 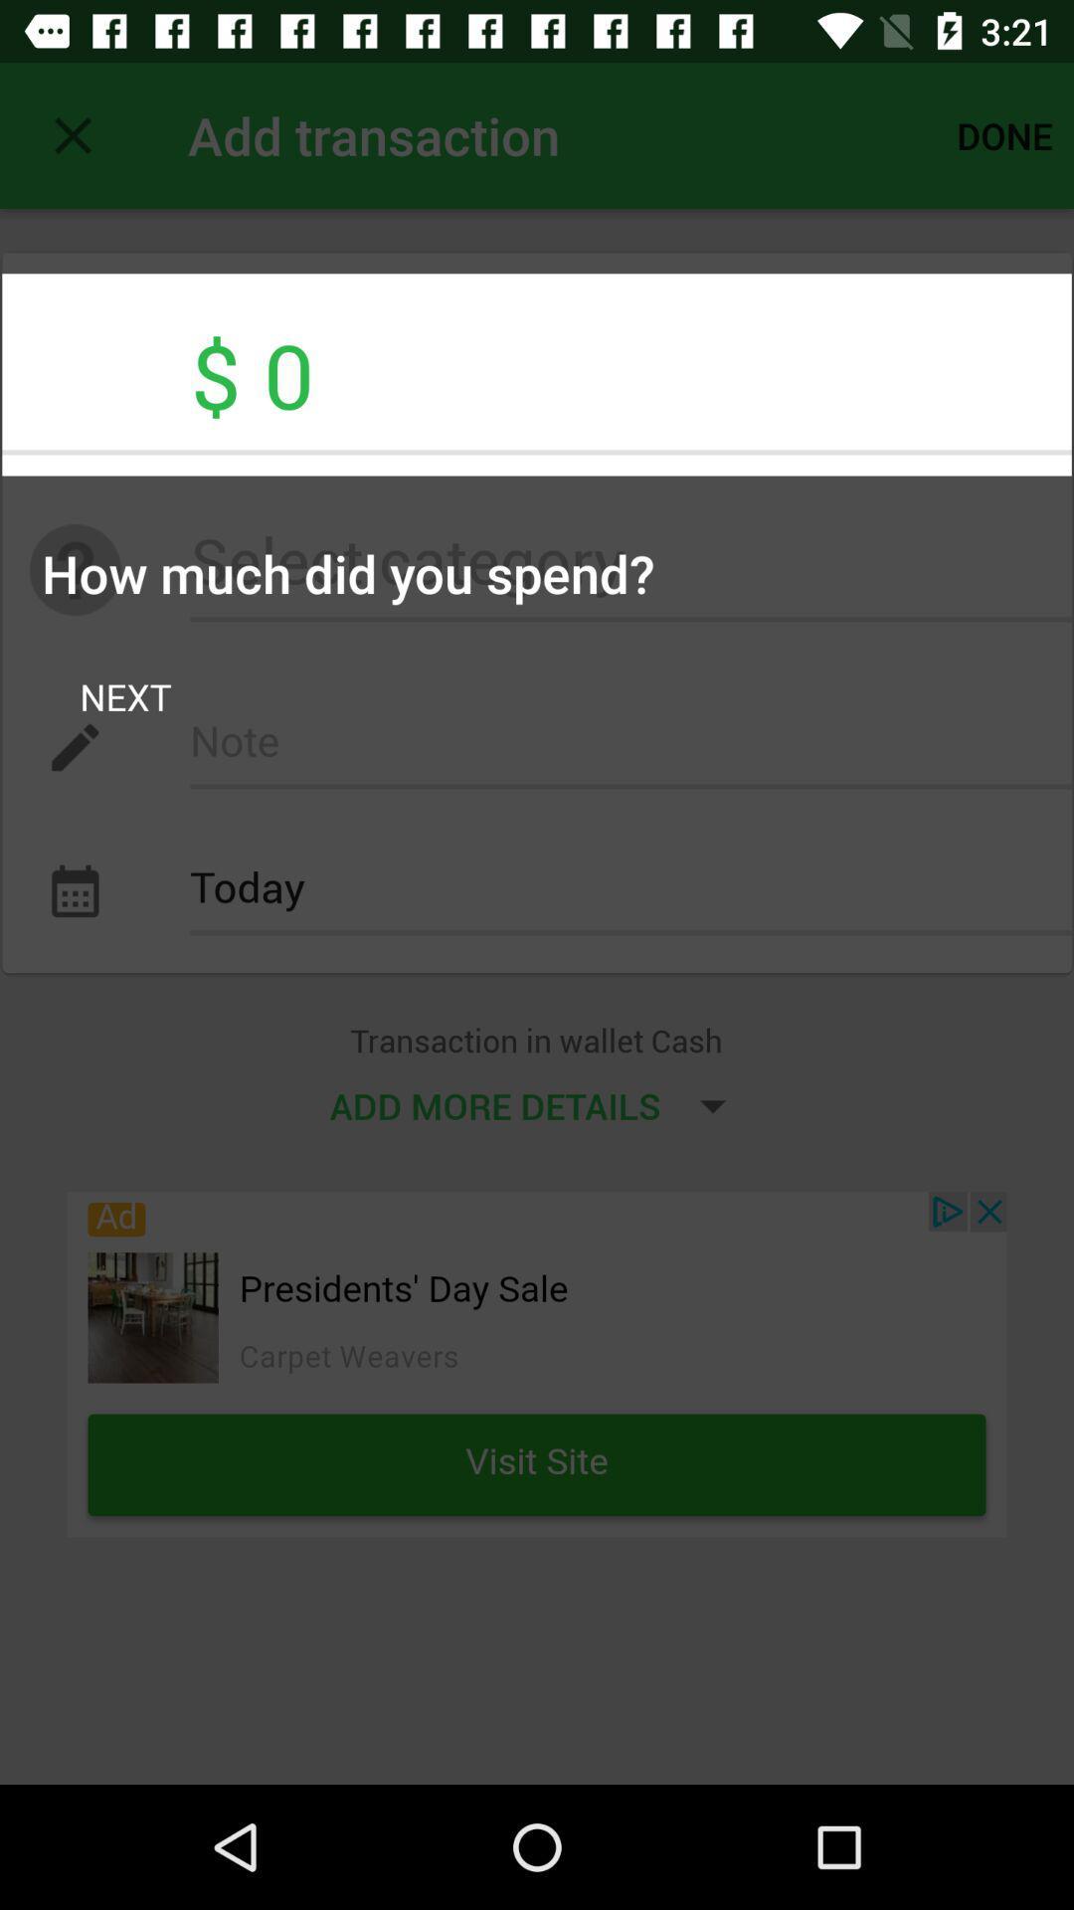 What do you see at coordinates (630, 746) in the screenshot?
I see `the item above the today item` at bounding box center [630, 746].